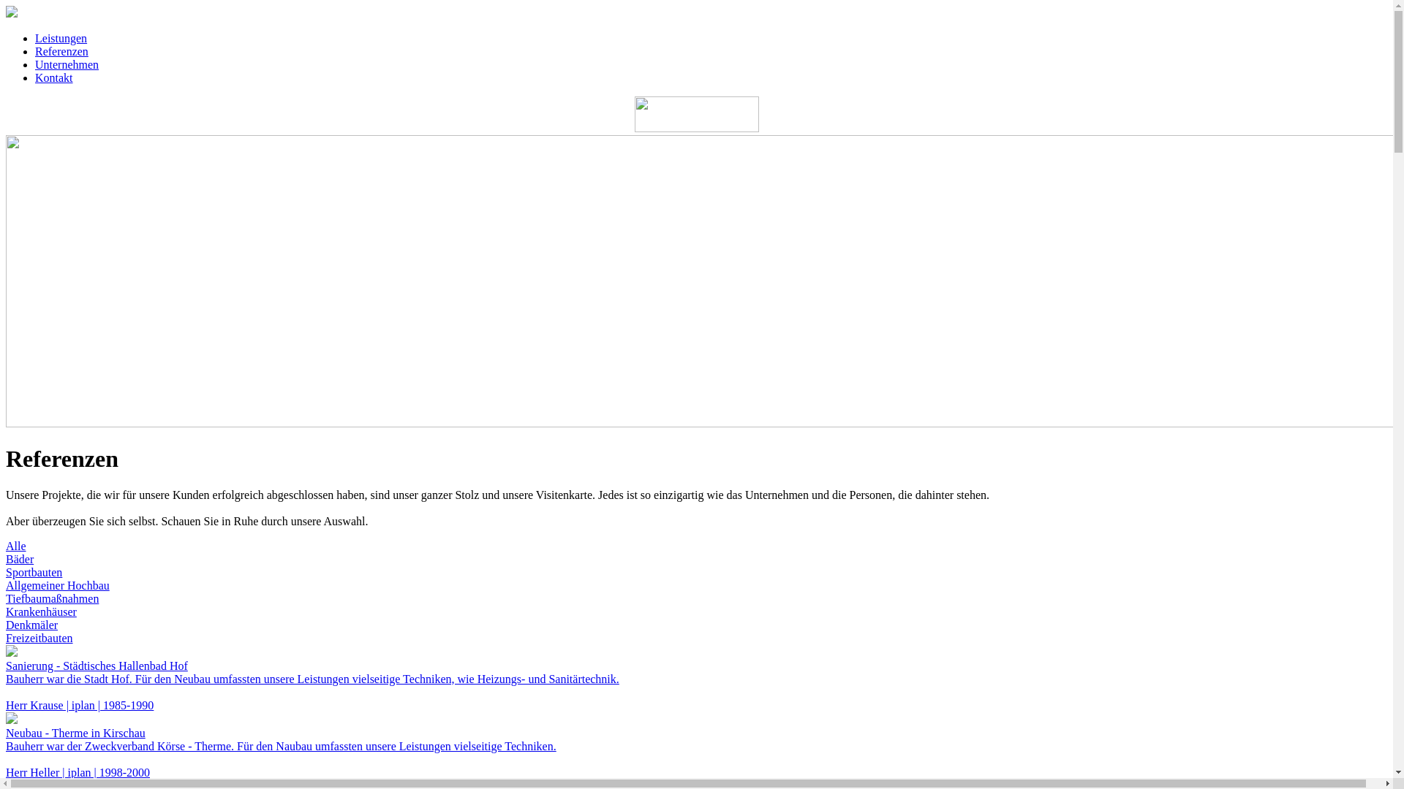 This screenshot has height=789, width=1404. I want to click on 'Sportbauten', so click(34, 571).